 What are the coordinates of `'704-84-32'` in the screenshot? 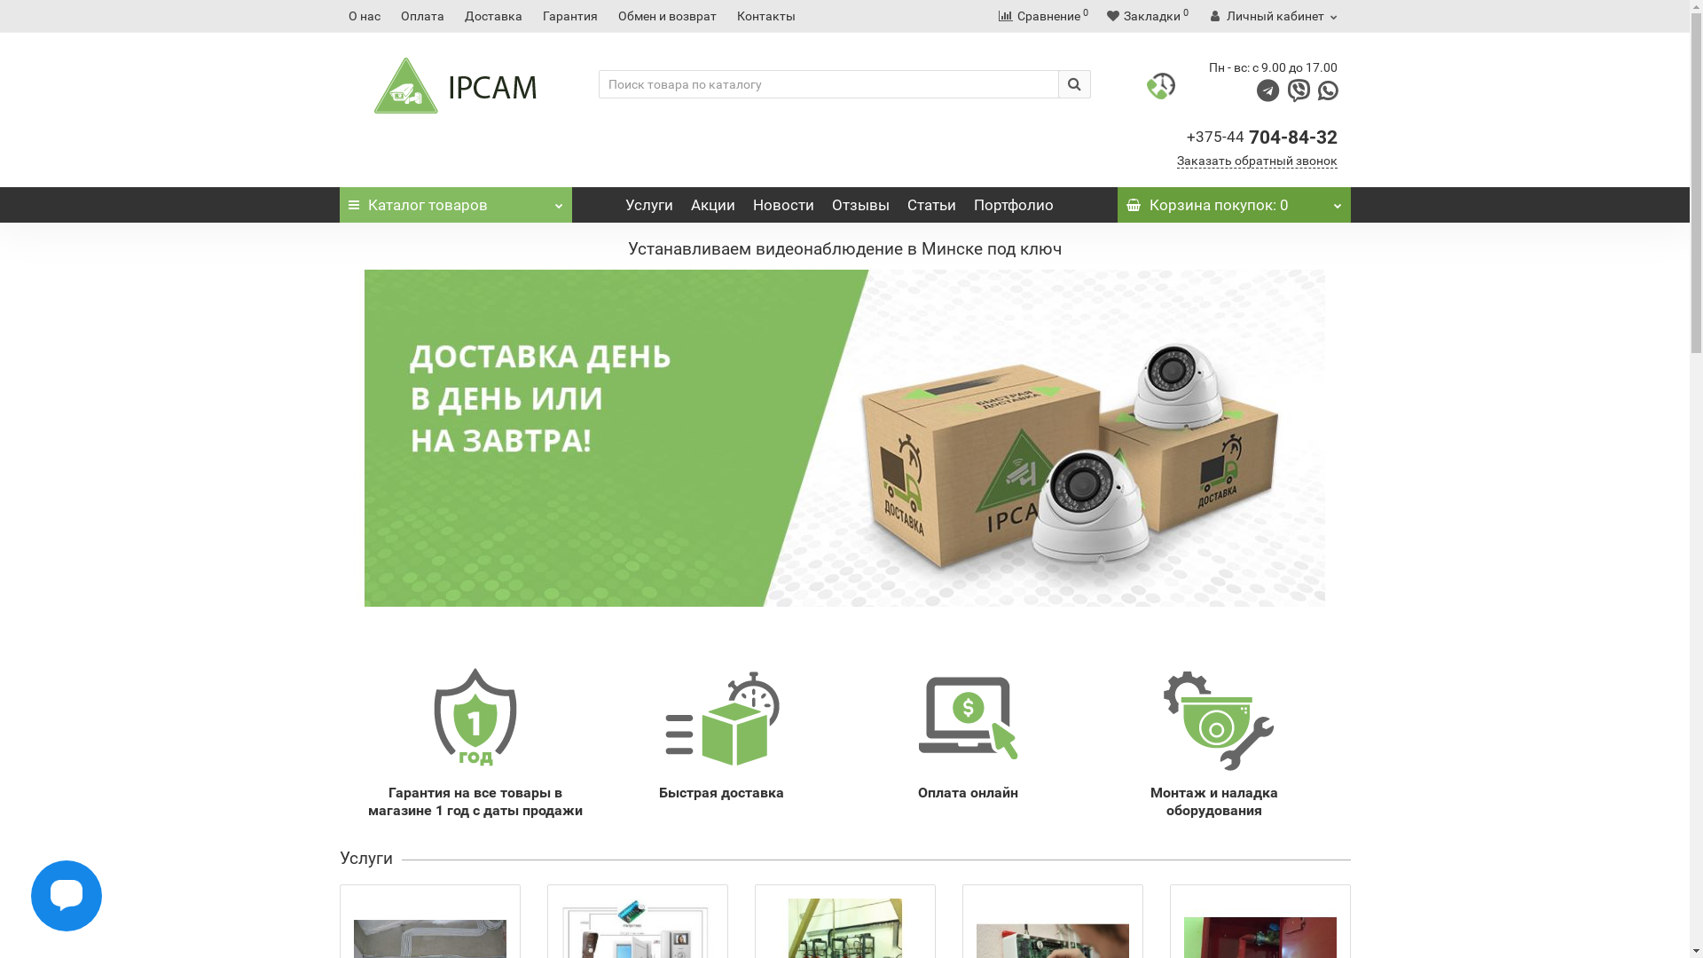 It's located at (1293, 136).